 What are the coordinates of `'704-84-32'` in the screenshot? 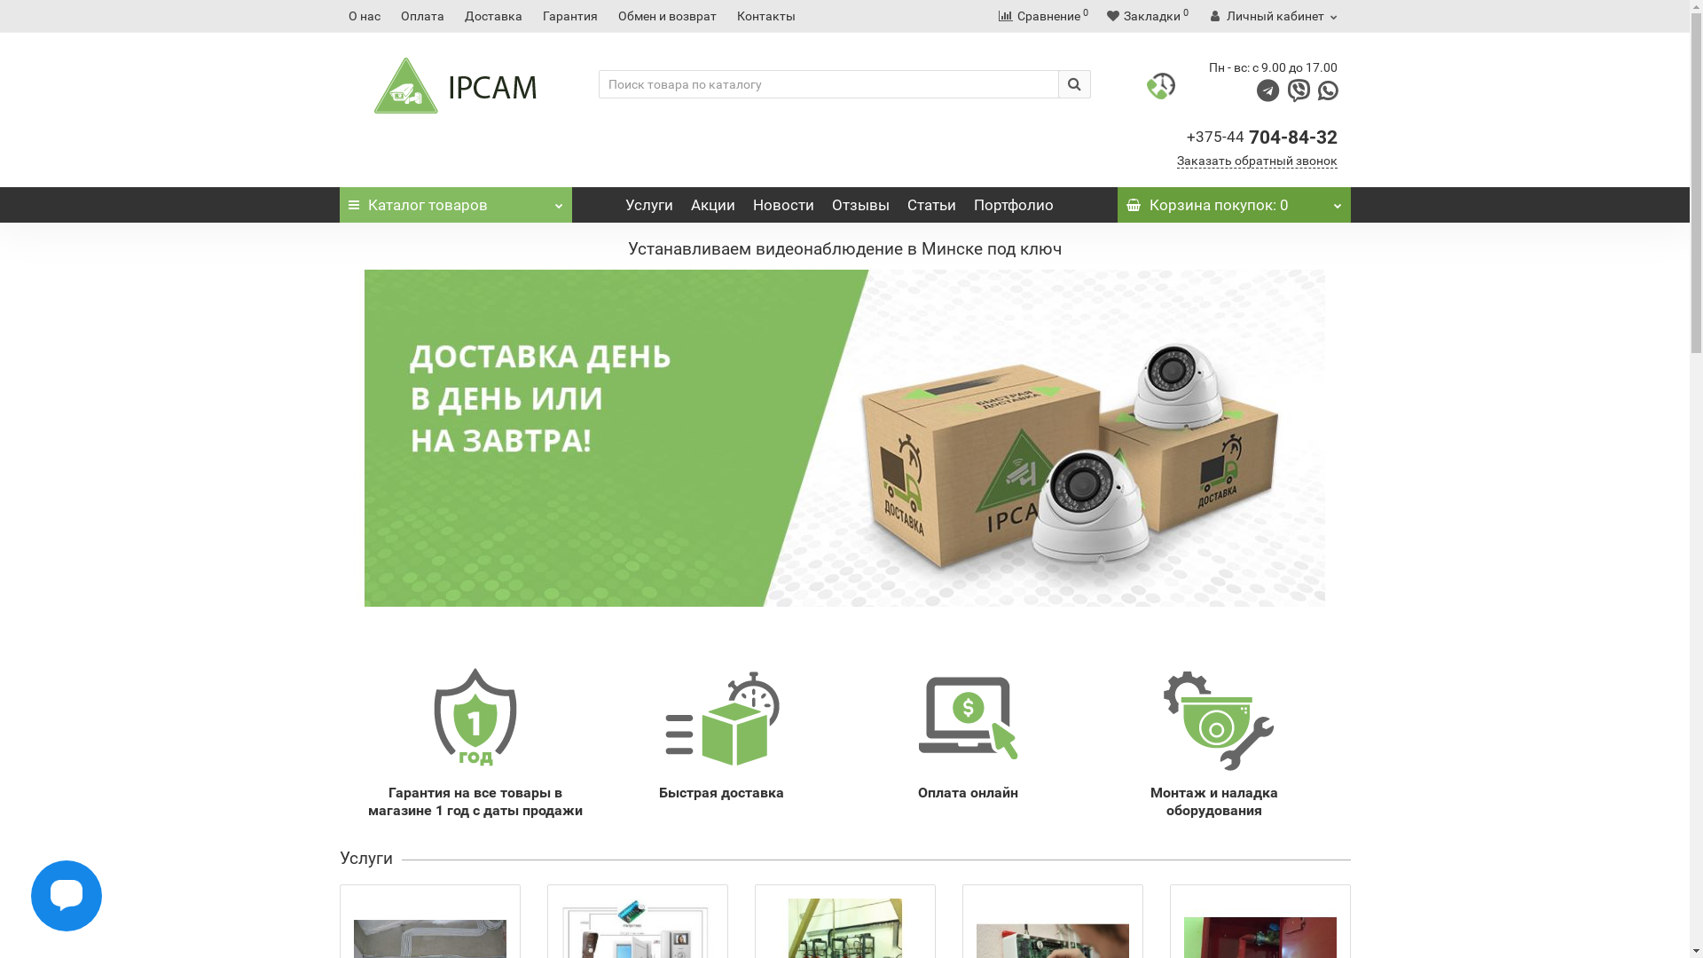 It's located at (1293, 136).